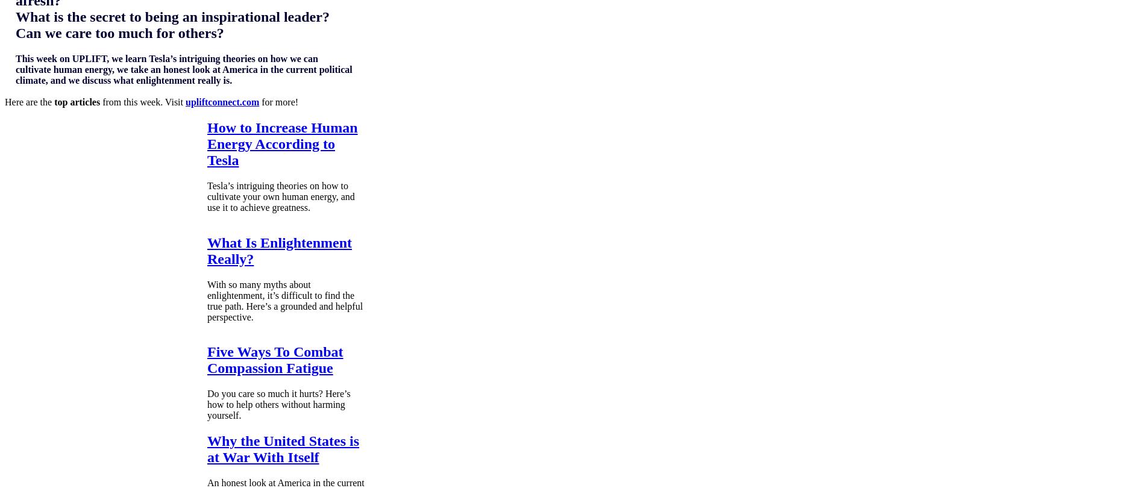 The width and height of the screenshot is (1145, 488). Describe the element at coordinates (281, 142) in the screenshot. I see `'How to Increase Human Energy According to Tesla'` at that location.